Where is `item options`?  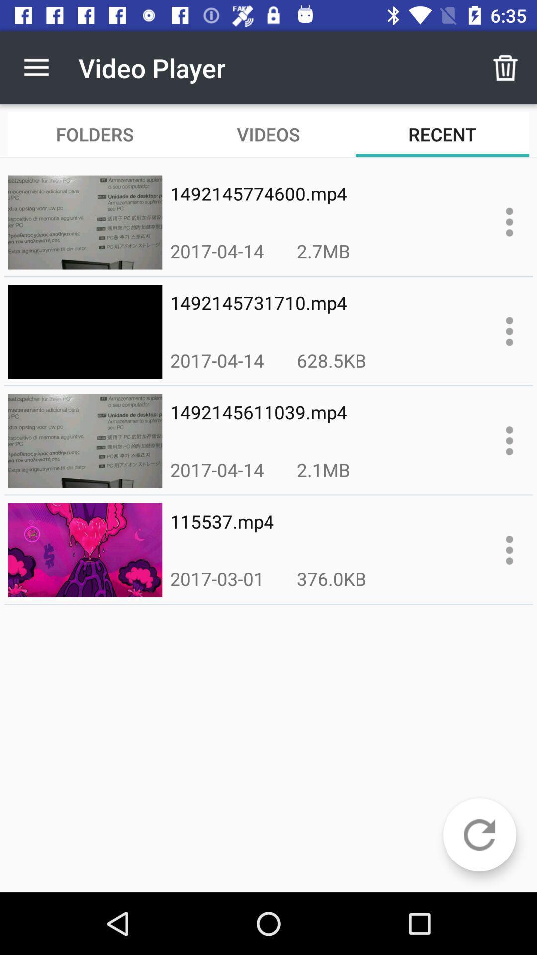 item options is located at coordinates (509, 221).